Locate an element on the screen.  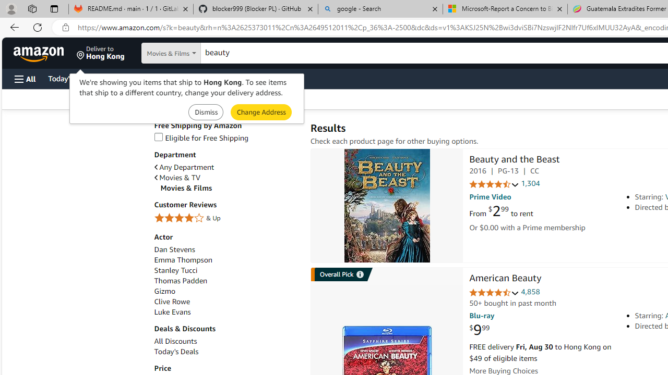
'4,858' is located at coordinates (530, 292).